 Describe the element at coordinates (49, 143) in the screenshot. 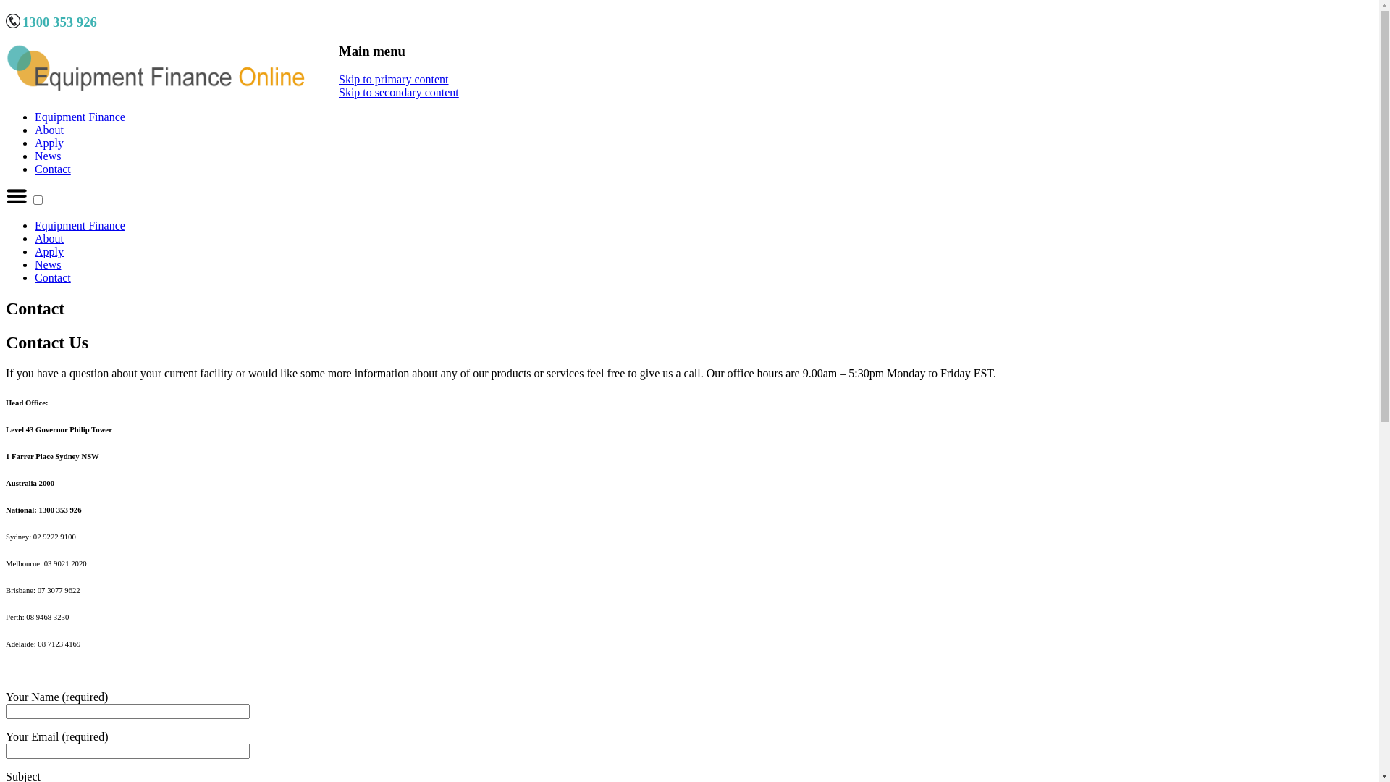

I see `'Apply'` at that location.